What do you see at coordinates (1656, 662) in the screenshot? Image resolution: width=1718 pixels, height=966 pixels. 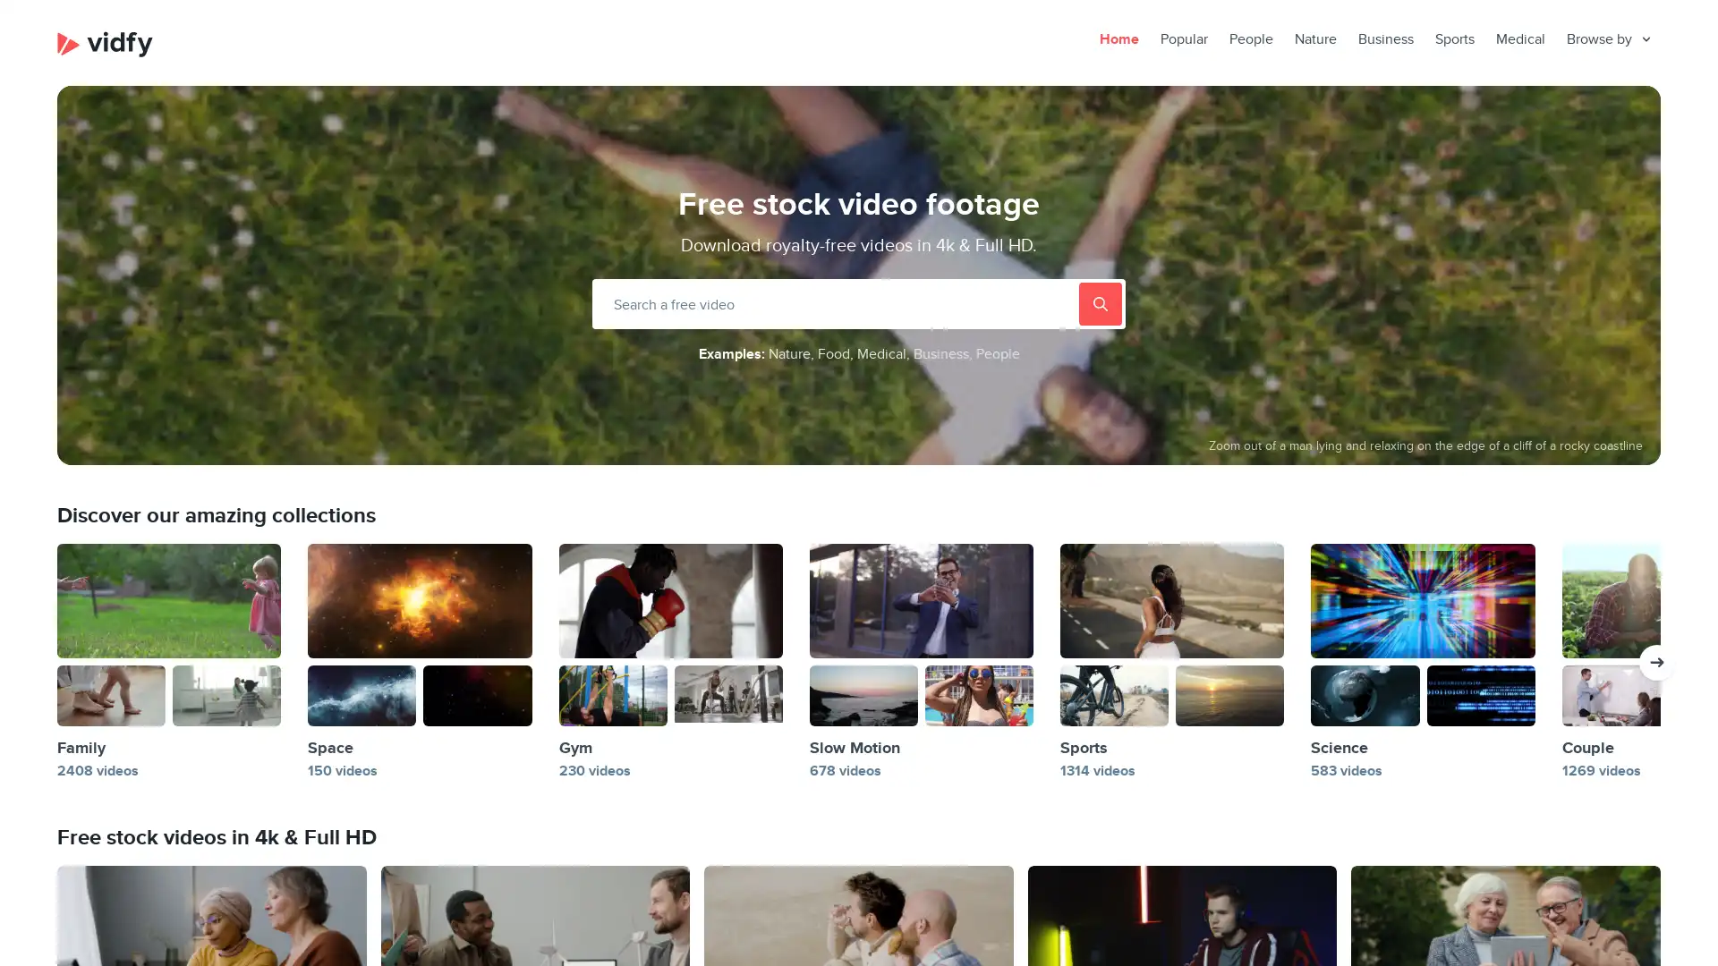 I see `previous presentation` at bounding box center [1656, 662].